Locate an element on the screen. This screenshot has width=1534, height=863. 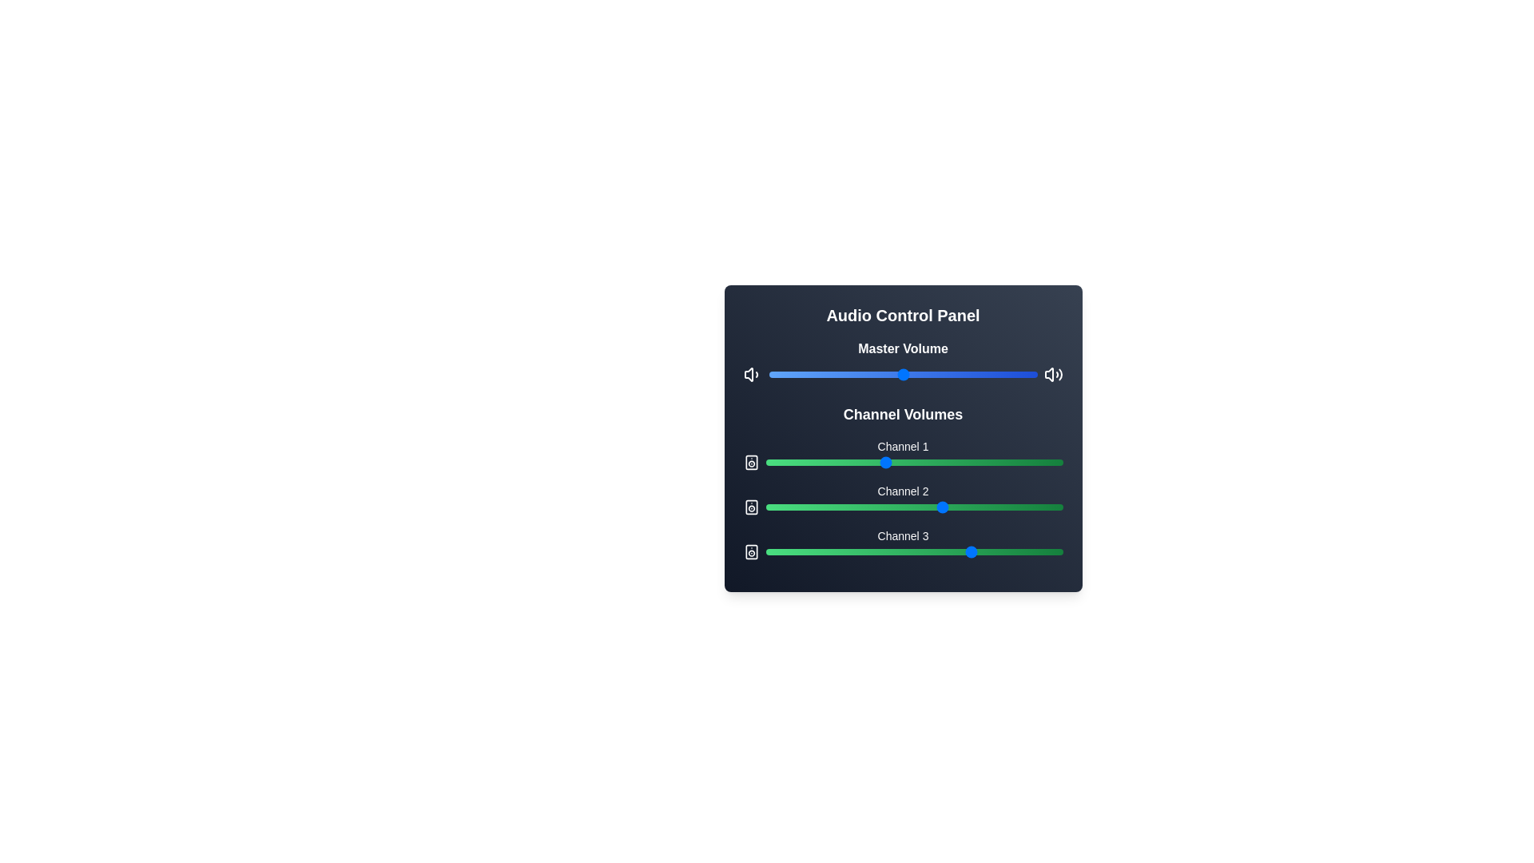
the 'Channel 3' volume slider is located at coordinates (889, 547).